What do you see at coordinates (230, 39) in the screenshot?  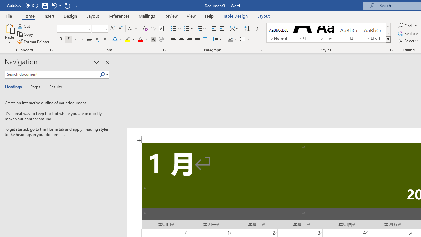 I see `'Shading RGB(0, 0, 0)'` at bounding box center [230, 39].